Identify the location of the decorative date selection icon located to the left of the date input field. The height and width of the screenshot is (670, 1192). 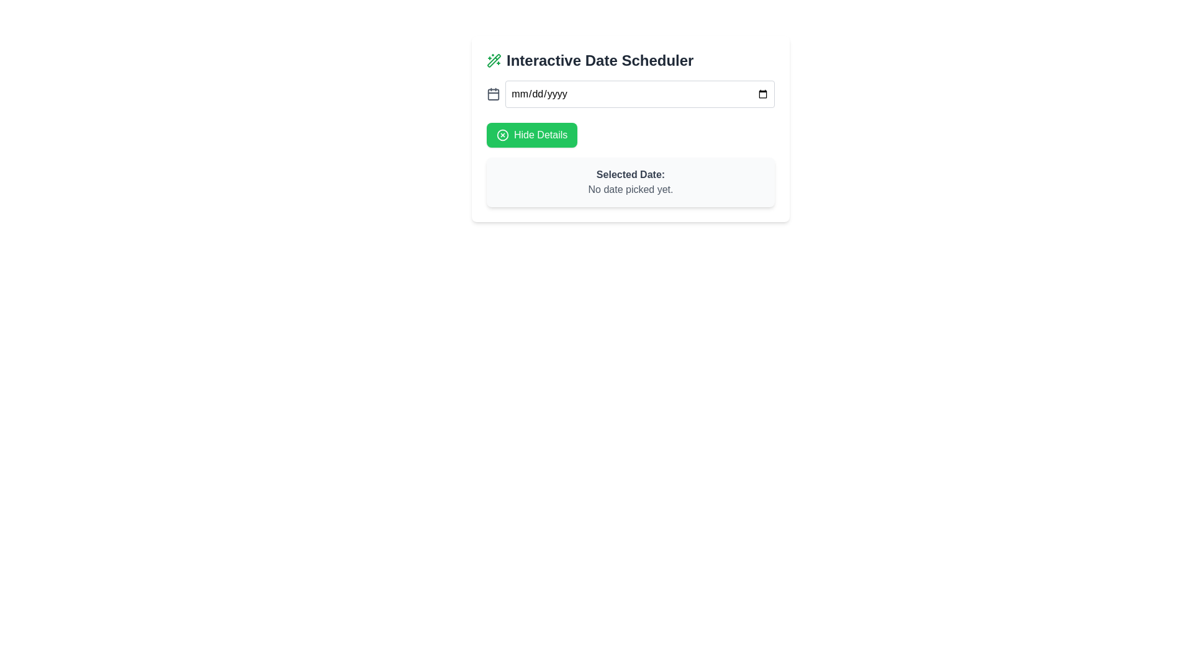
(493, 93).